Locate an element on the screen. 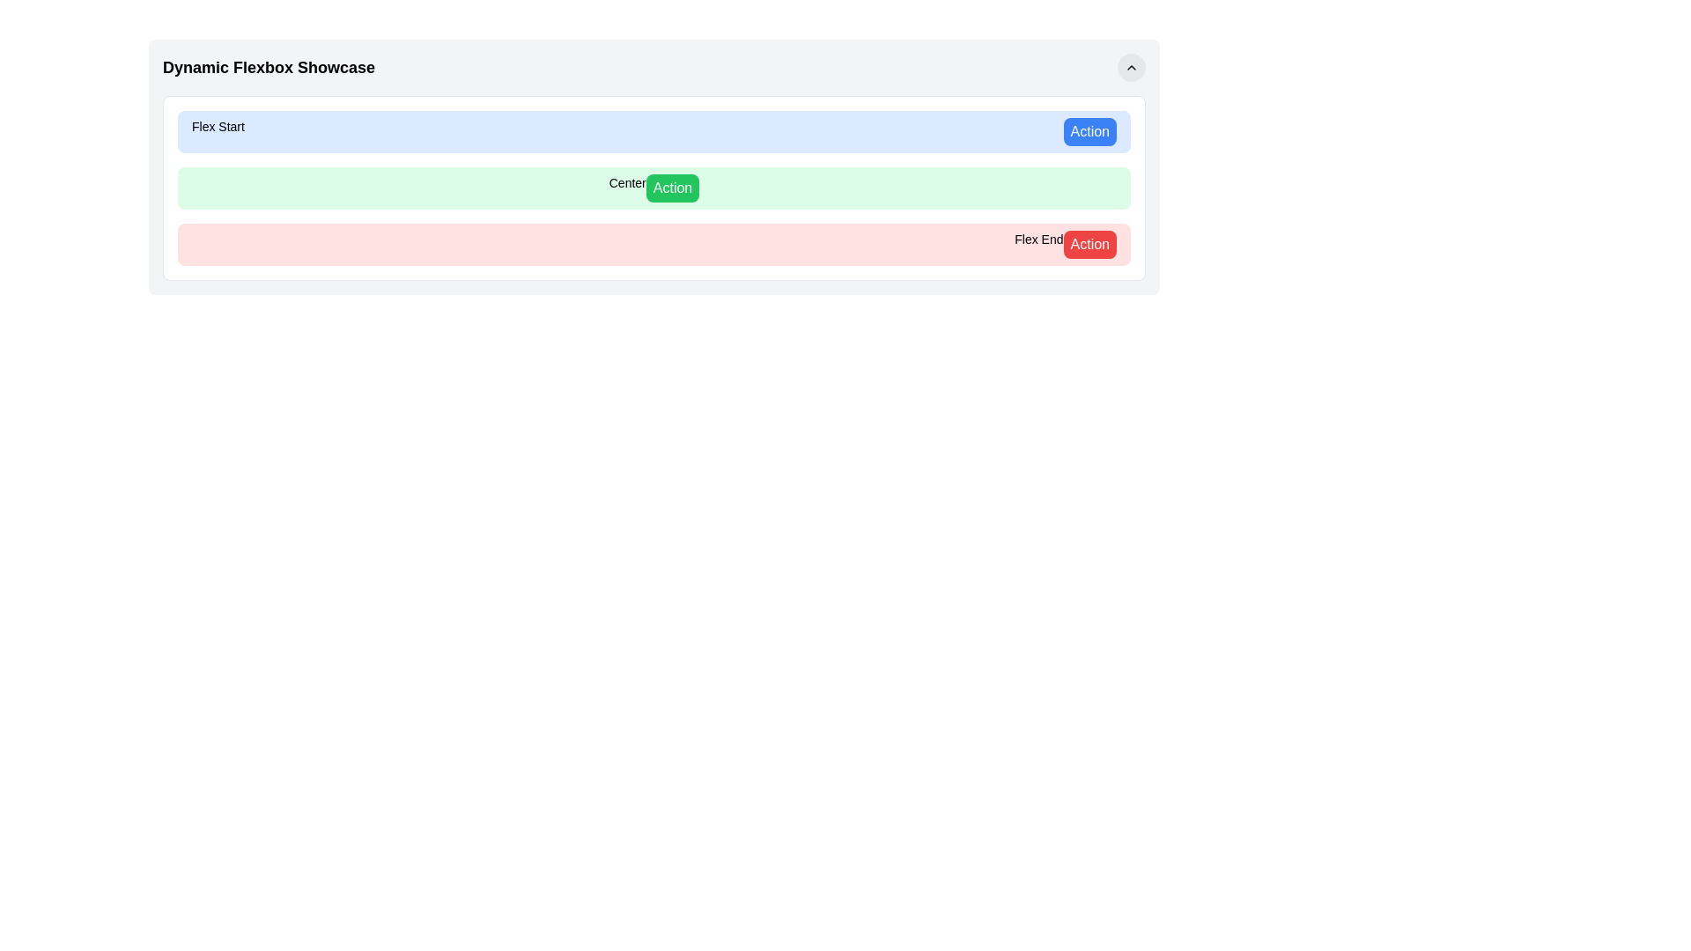  the button located at the right end of a flexible layout with a light red background, which has the text 'Flex End' to its left, to observe a styling change is located at coordinates (1089, 244).